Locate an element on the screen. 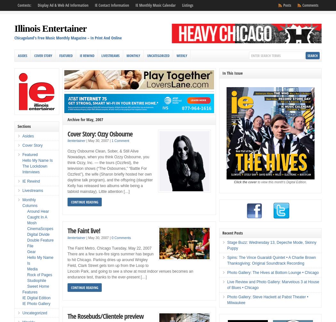 The height and width of the screenshot is (322, 336). 'Sections' is located at coordinates (24, 126).